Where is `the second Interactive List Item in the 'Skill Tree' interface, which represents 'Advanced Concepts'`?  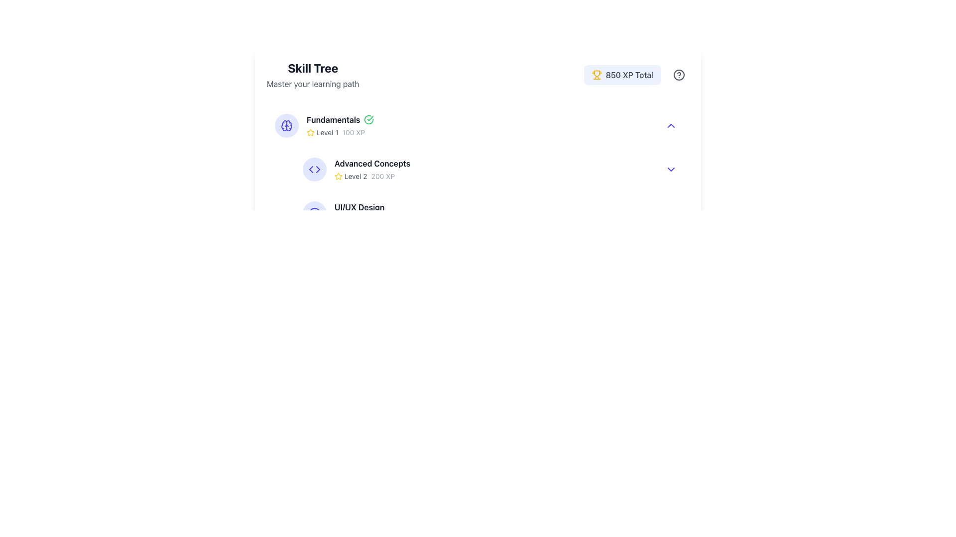 the second Interactive List Item in the 'Skill Tree' interface, which represents 'Advanced Concepts' is located at coordinates (482, 169).